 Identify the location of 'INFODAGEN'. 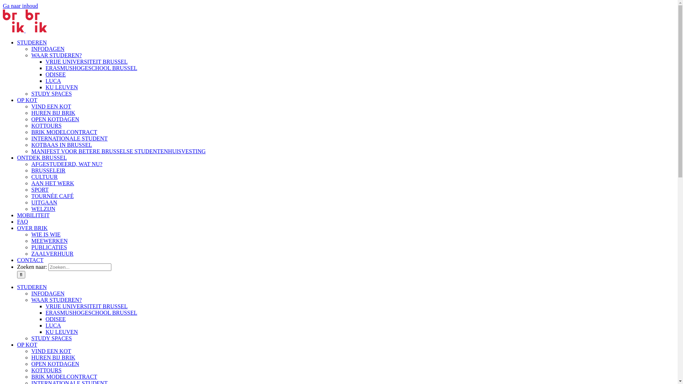
(47, 48).